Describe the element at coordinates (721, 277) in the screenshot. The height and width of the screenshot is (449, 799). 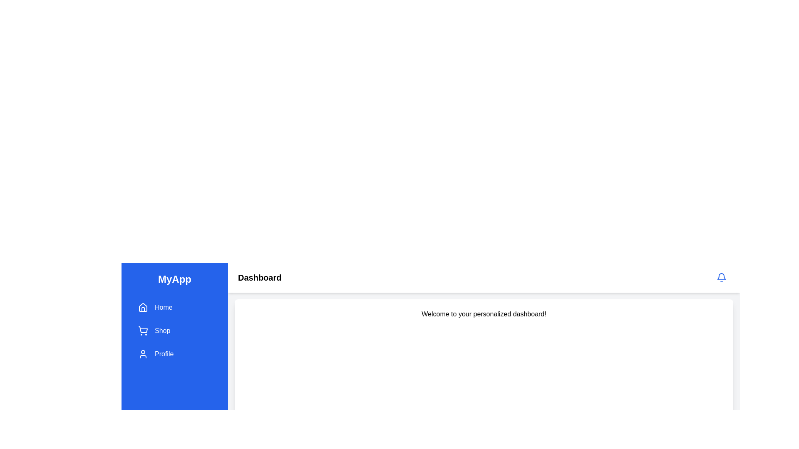
I see `the blue bell icon on the rightmost section of the top bar` at that location.